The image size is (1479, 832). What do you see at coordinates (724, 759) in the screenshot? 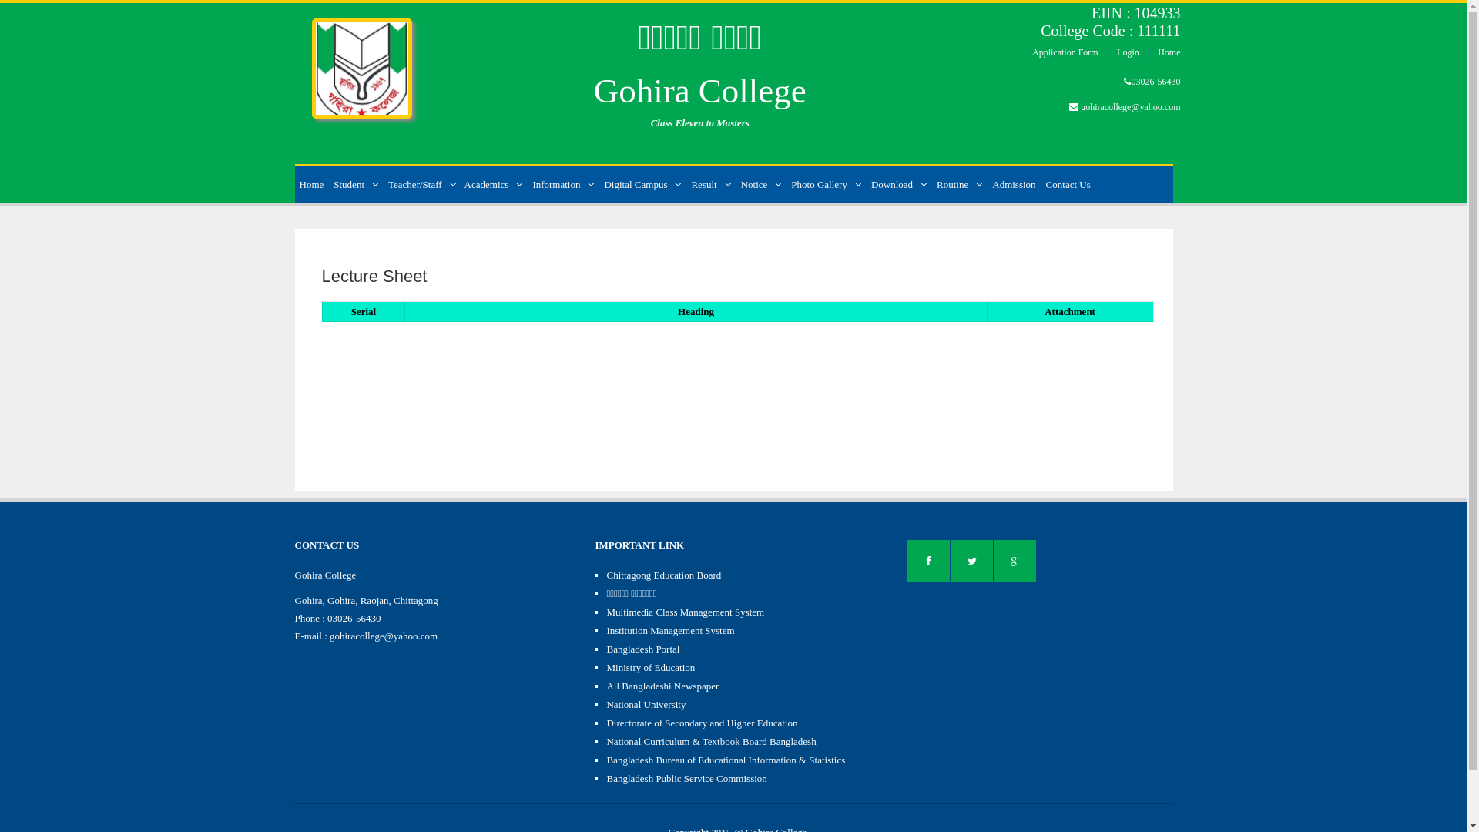
I see `'Bangladesh Bureau of Educational Information & Statistics'` at bounding box center [724, 759].